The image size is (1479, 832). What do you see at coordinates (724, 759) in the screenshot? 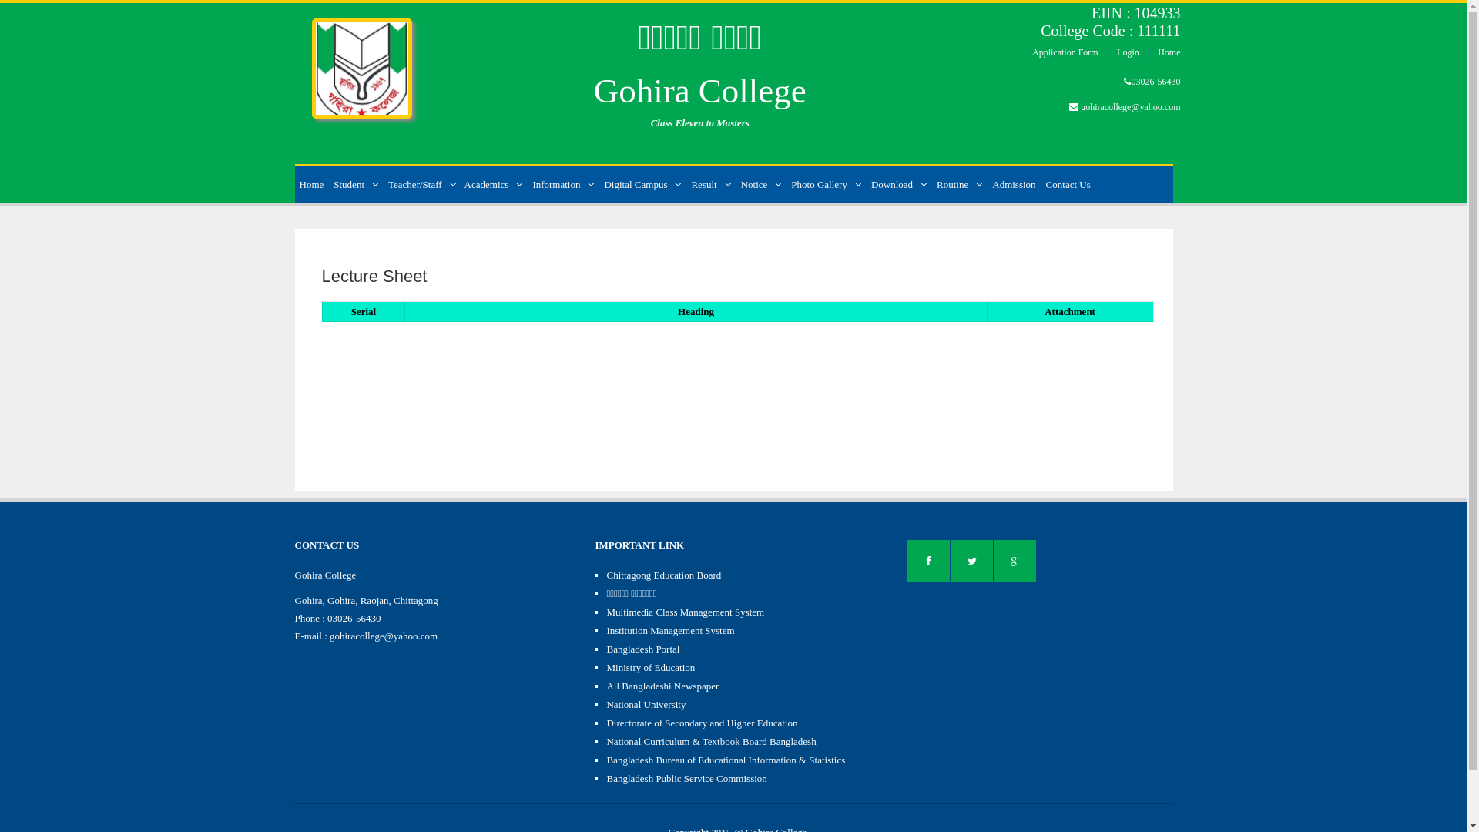
I see `'Bangladesh Bureau of Educational Information & Statistics'` at bounding box center [724, 759].